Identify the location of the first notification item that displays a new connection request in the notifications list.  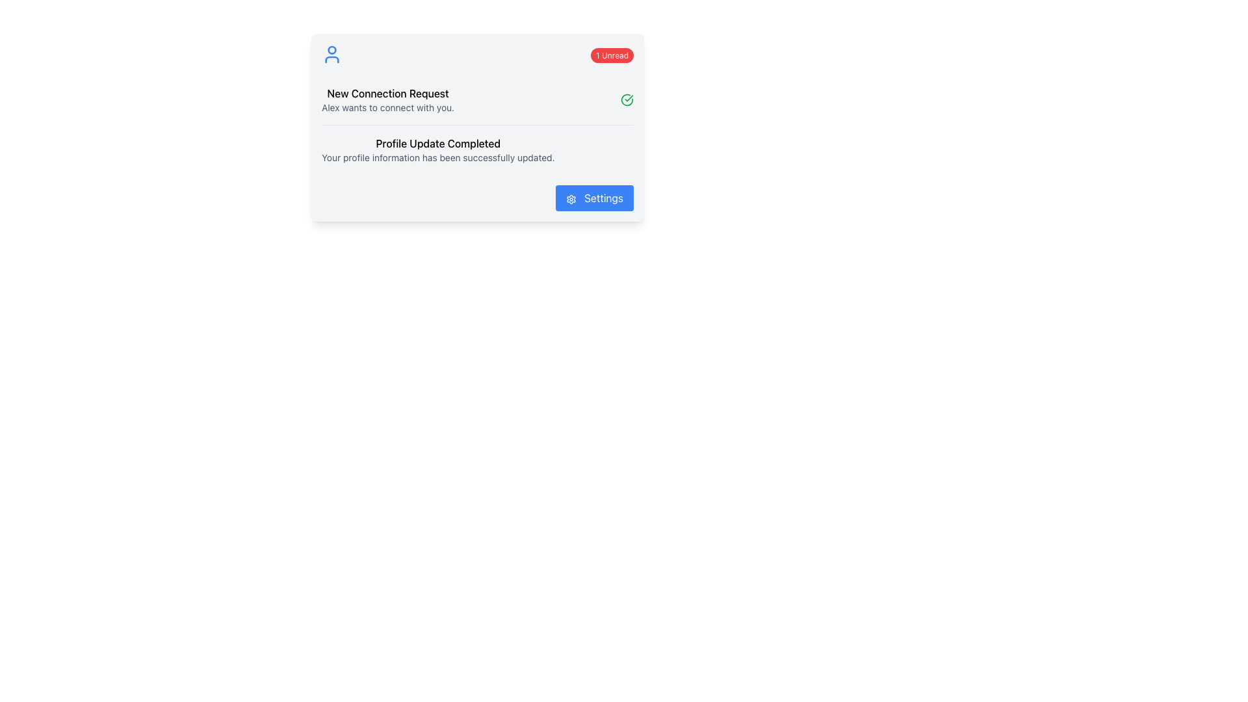
(476, 99).